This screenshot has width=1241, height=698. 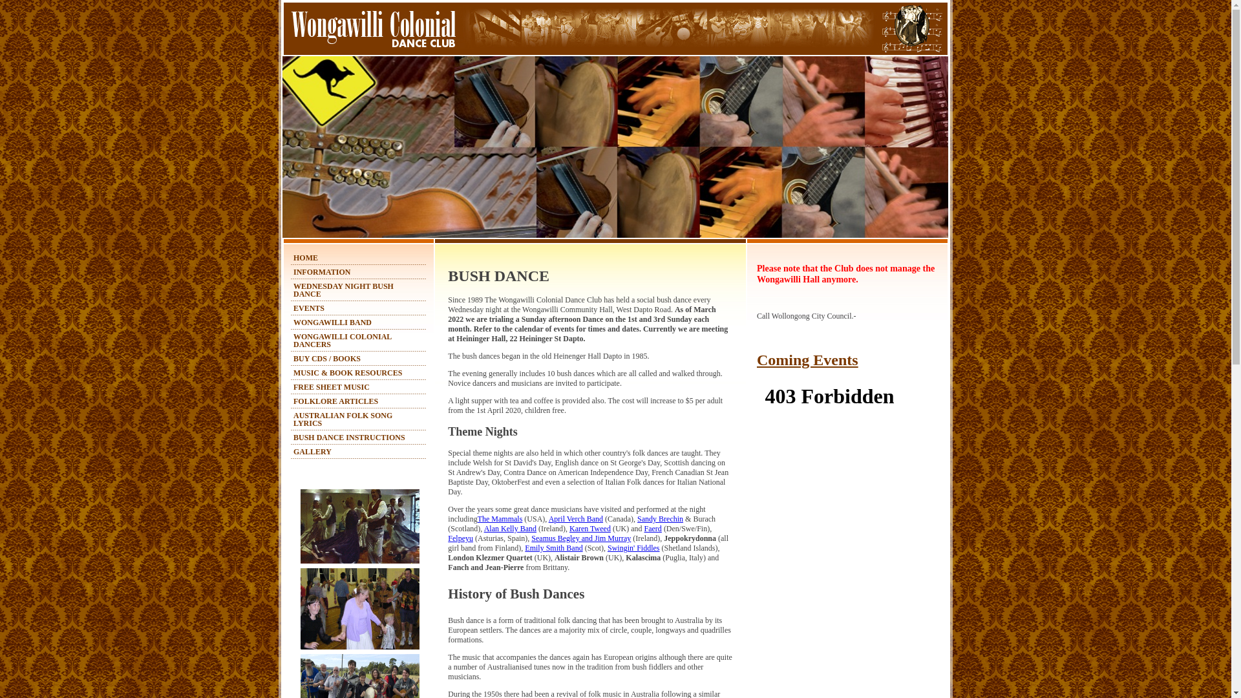 What do you see at coordinates (575, 518) in the screenshot?
I see `'April Verch Band'` at bounding box center [575, 518].